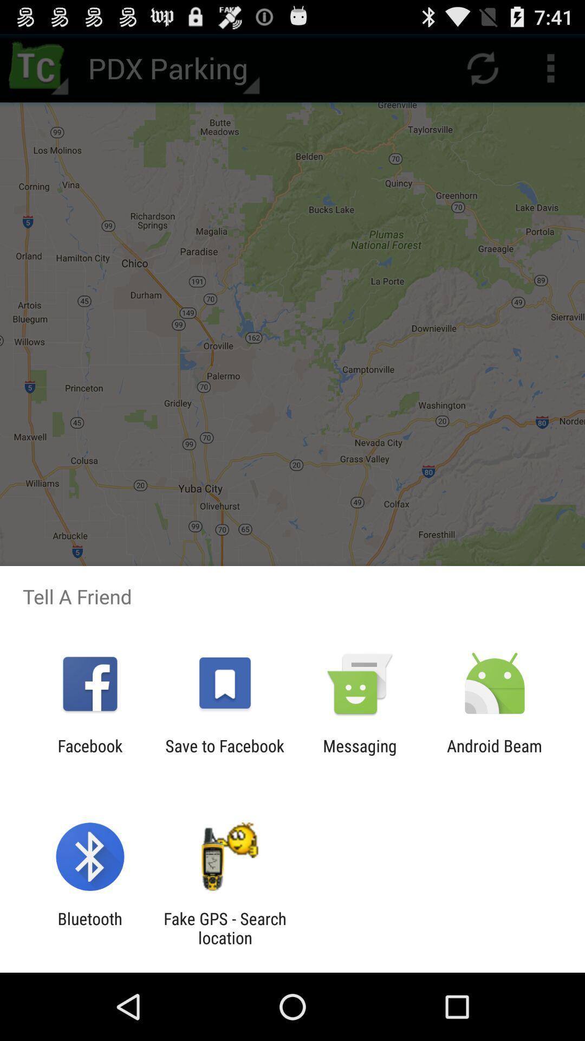  Describe the element at coordinates (224, 928) in the screenshot. I see `icon to the right of the bluetooth` at that location.